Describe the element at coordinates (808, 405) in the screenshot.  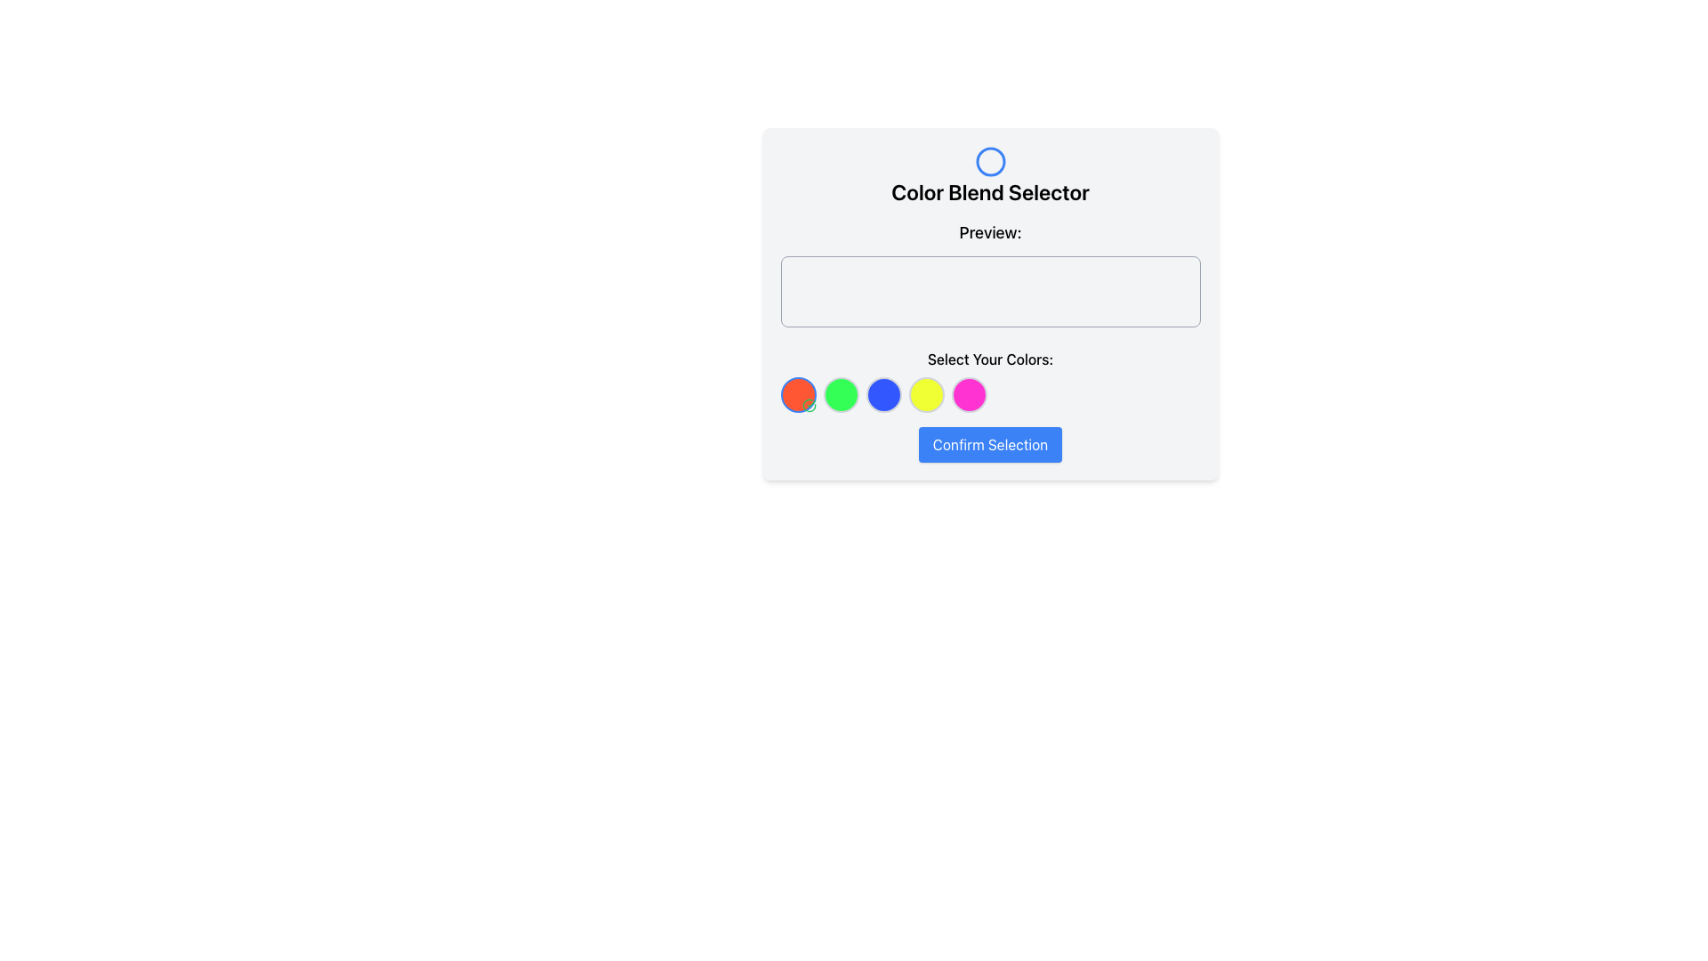
I see `the compact SVG icon with a green stroke, which is part of a circular red button on the leftmost side of a row of colorful buttons, located below the 'Select Your Colors:' label` at that location.